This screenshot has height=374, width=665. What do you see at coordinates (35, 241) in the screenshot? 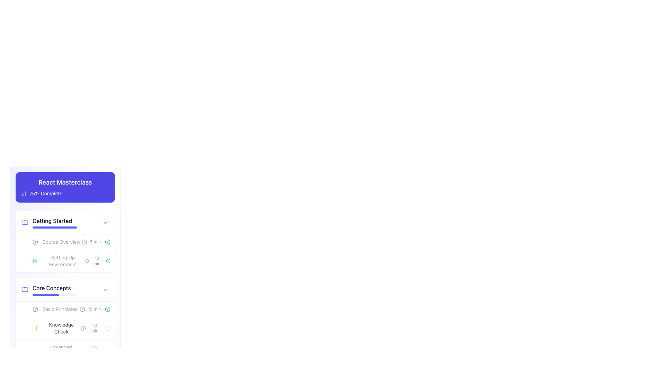
I see `the circular play icon outlined in indigo with a triangular play symbol inside, which is positioned to the left of the 'Course Overview' text` at bounding box center [35, 241].